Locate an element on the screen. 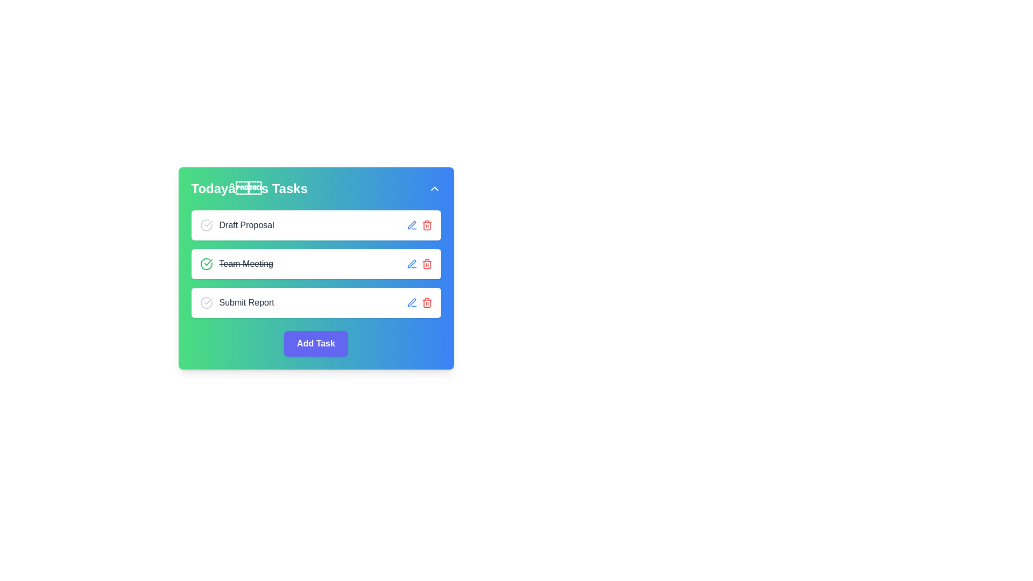 This screenshot has width=1033, height=581. the Collapse/Expand icon (Chevron) located on the far right within the header bar of the 'Today's Tasks' card is located at coordinates (434, 188).